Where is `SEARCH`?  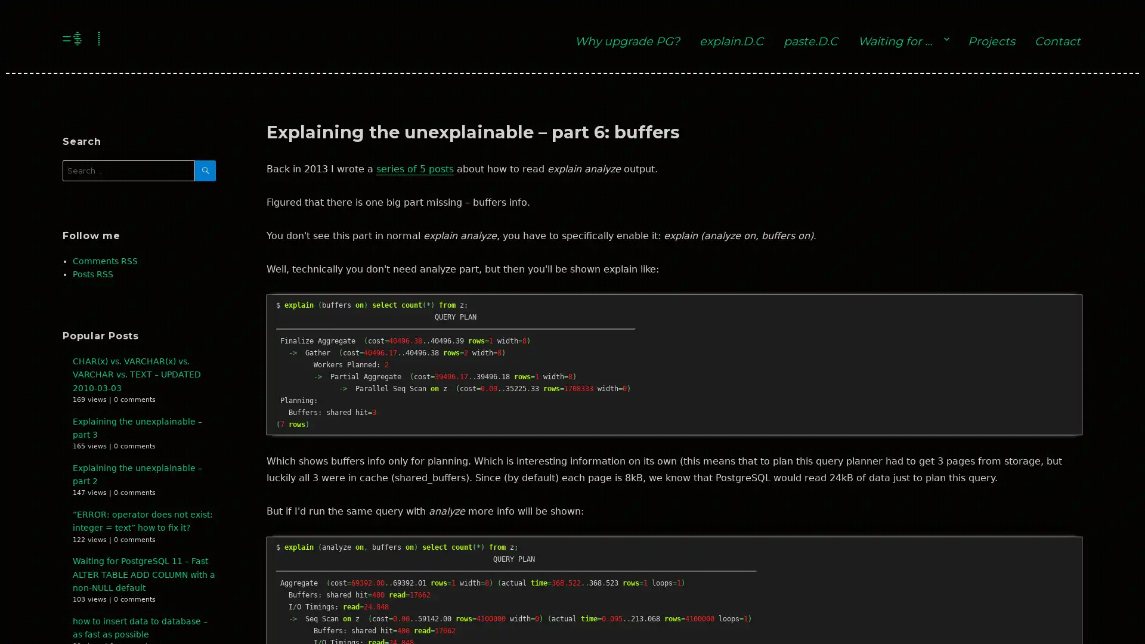 SEARCH is located at coordinates (205, 170).